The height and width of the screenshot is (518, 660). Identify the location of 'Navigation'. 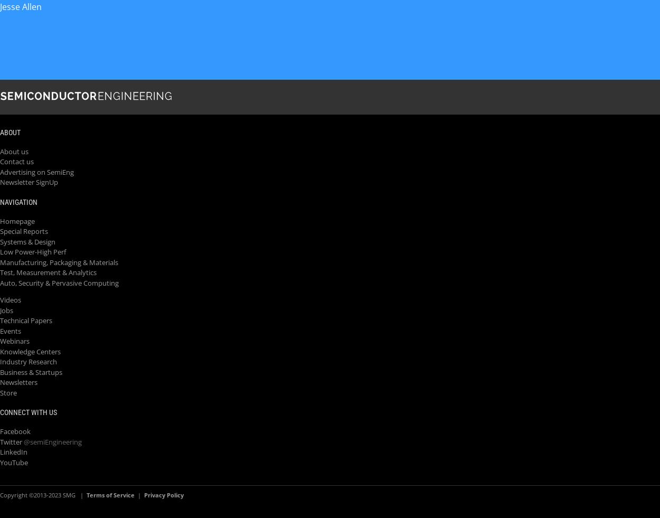
(18, 201).